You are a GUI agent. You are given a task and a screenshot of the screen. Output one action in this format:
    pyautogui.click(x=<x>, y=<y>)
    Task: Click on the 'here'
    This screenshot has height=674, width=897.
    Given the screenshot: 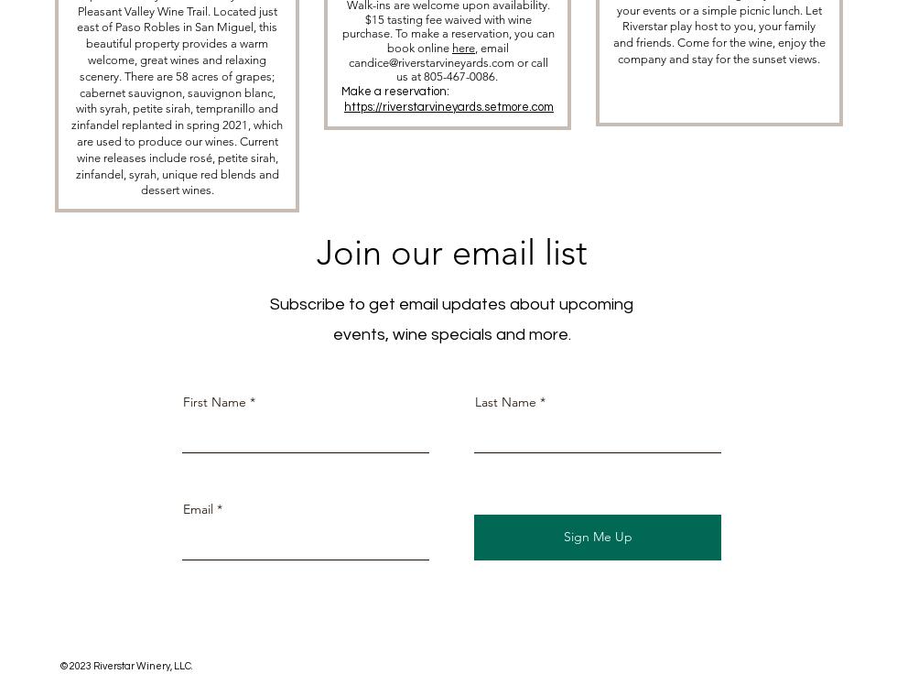 What is the action you would take?
    pyautogui.click(x=452, y=47)
    